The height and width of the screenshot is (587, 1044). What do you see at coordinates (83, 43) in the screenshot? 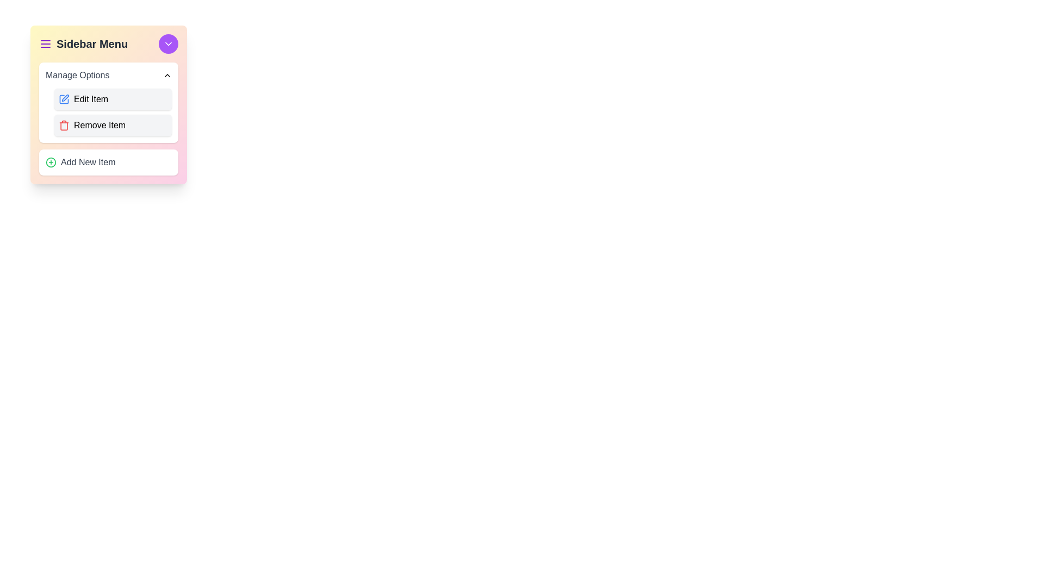
I see `the sidebar menu title and indicator element located at the top-left region of the card interface, next to the purple dropdown toggle button` at bounding box center [83, 43].